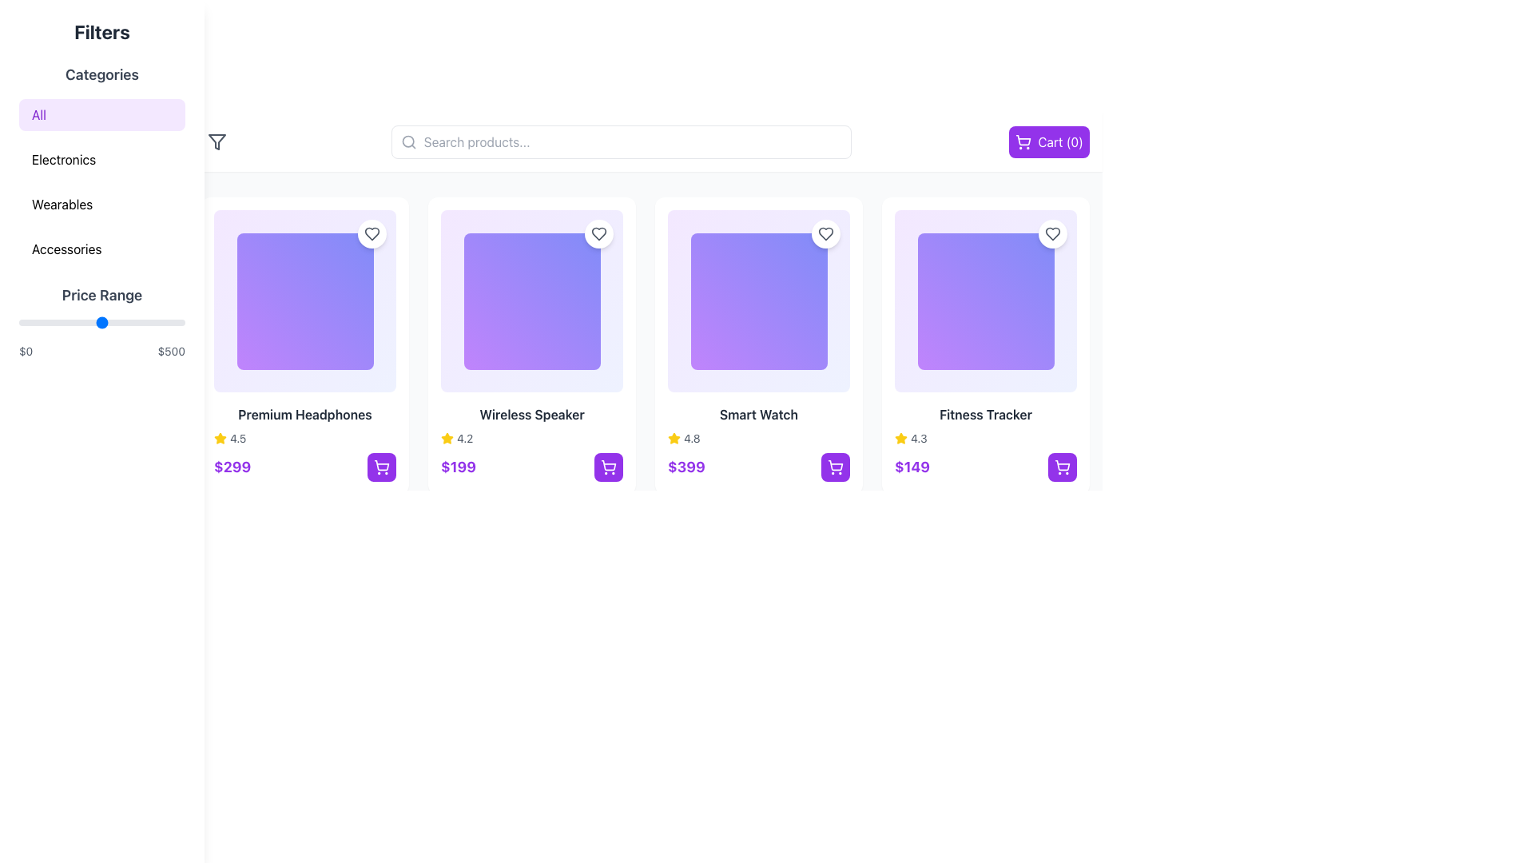 The width and height of the screenshot is (1534, 863). I want to click on the text component displaying the number '4.3' that is styled in gray color and is located next to the yellow star icon in the product card for 'Fitness Tracker', so click(919, 438).